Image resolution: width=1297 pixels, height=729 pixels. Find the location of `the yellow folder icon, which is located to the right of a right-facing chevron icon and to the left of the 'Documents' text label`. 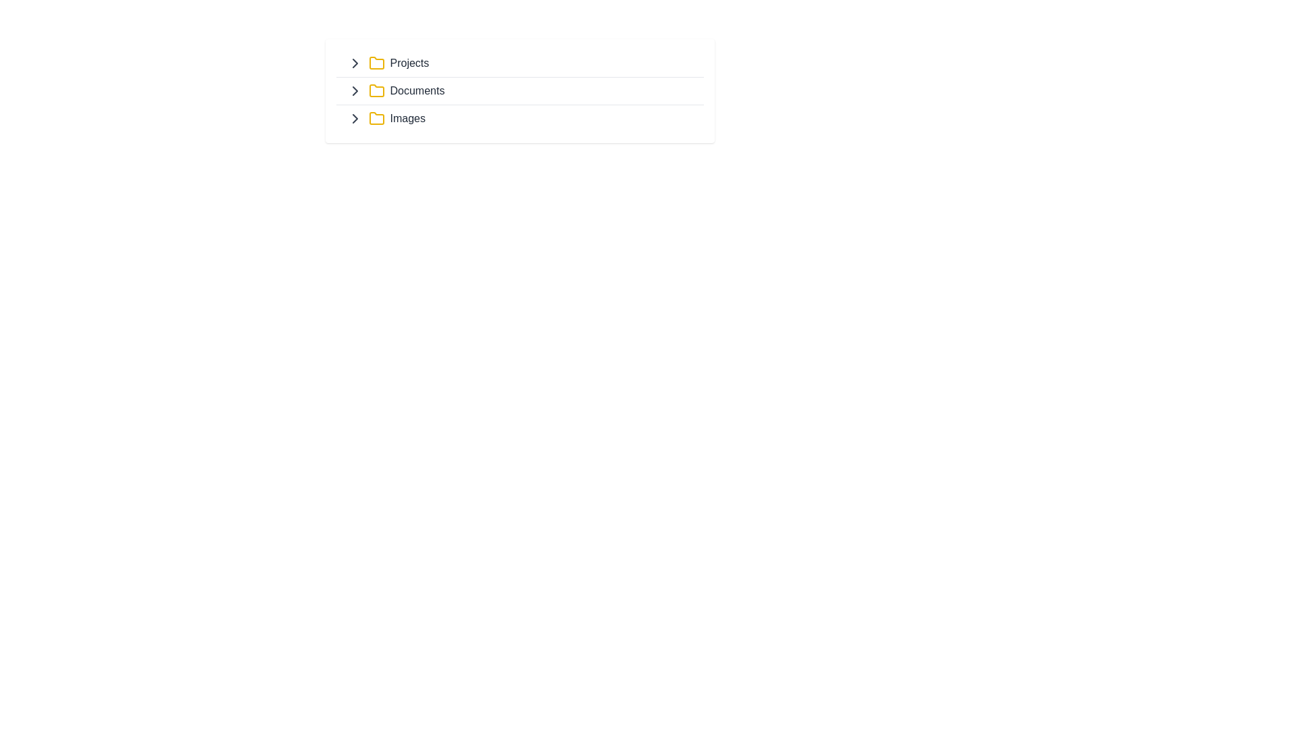

the yellow folder icon, which is located to the right of a right-facing chevron icon and to the left of the 'Documents' text label is located at coordinates (376, 91).